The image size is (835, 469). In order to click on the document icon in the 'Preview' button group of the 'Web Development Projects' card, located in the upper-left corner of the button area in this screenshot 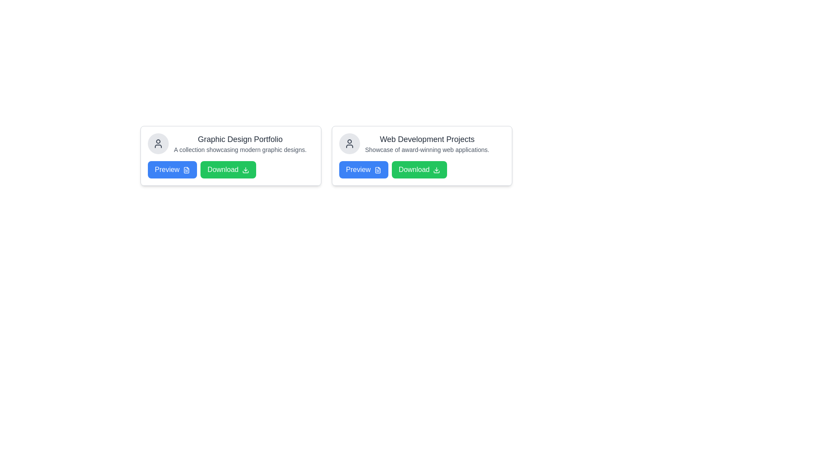, I will do `click(377, 170)`.